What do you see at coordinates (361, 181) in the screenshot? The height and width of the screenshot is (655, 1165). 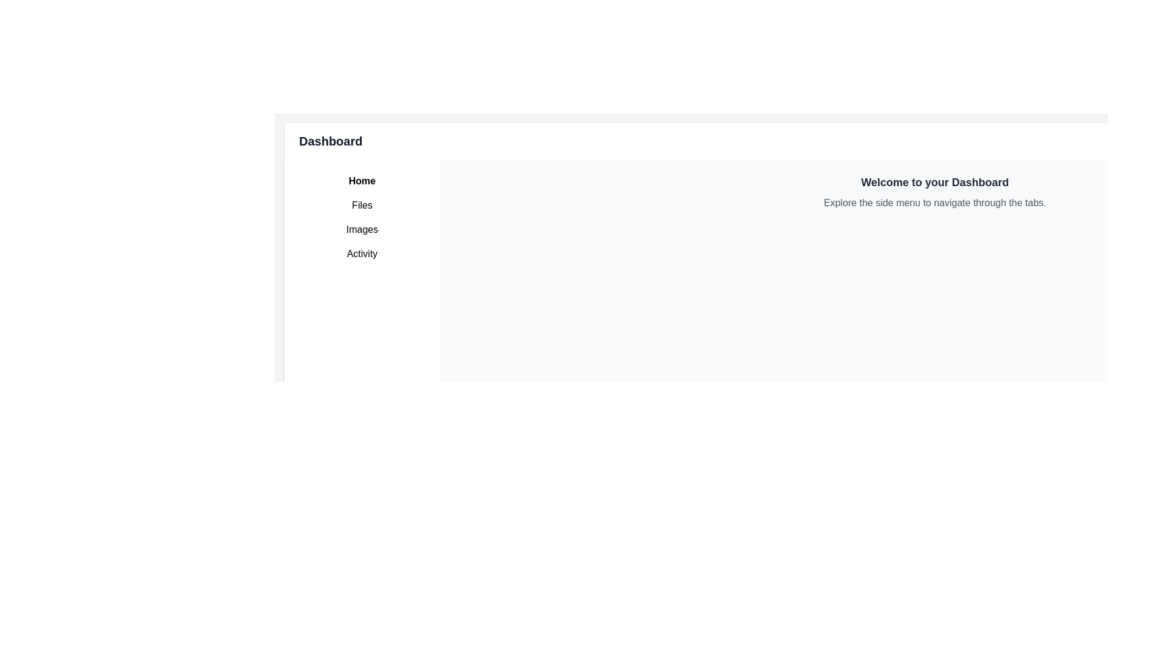 I see `the bold 'Home' text link in the vertical navigation menu` at bounding box center [361, 181].